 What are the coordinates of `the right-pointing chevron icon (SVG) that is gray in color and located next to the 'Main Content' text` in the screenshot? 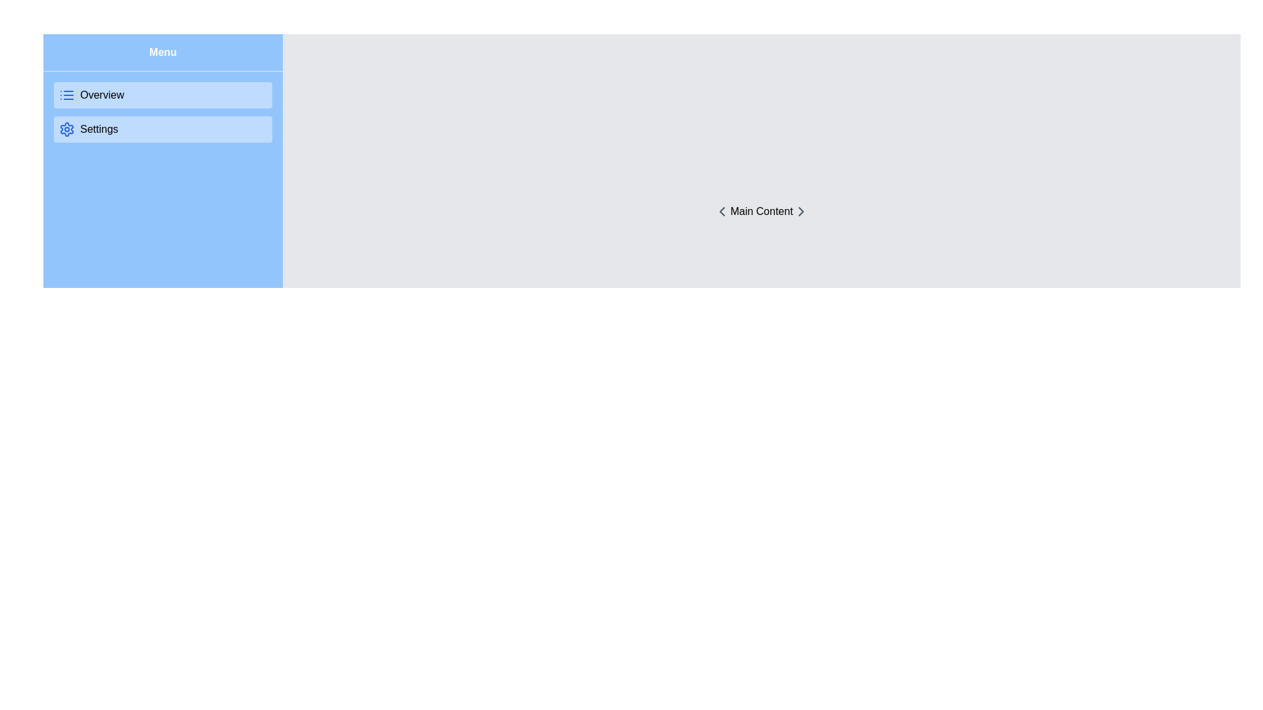 It's located at (800, 210).